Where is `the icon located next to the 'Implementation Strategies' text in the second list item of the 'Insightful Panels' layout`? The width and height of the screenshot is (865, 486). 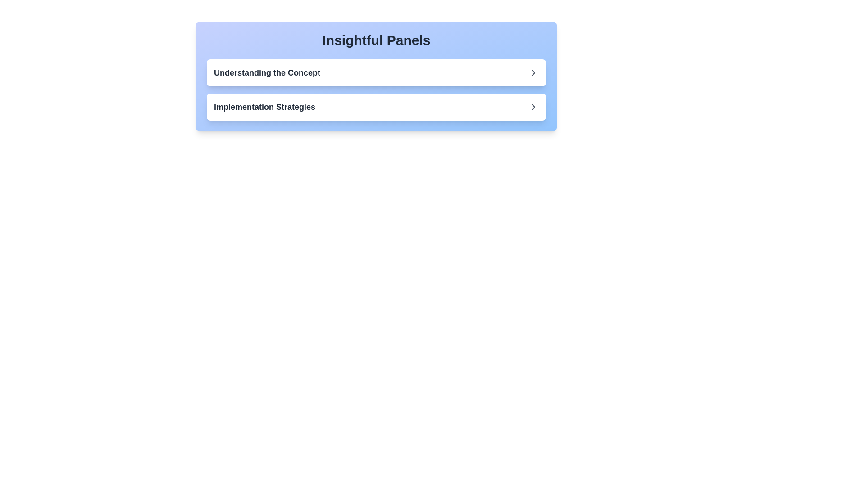 the icon located next to the 'Implementation Strategies' text in the second list item of the 'Insightful Panels' layout is located at coordinates (533, 72).